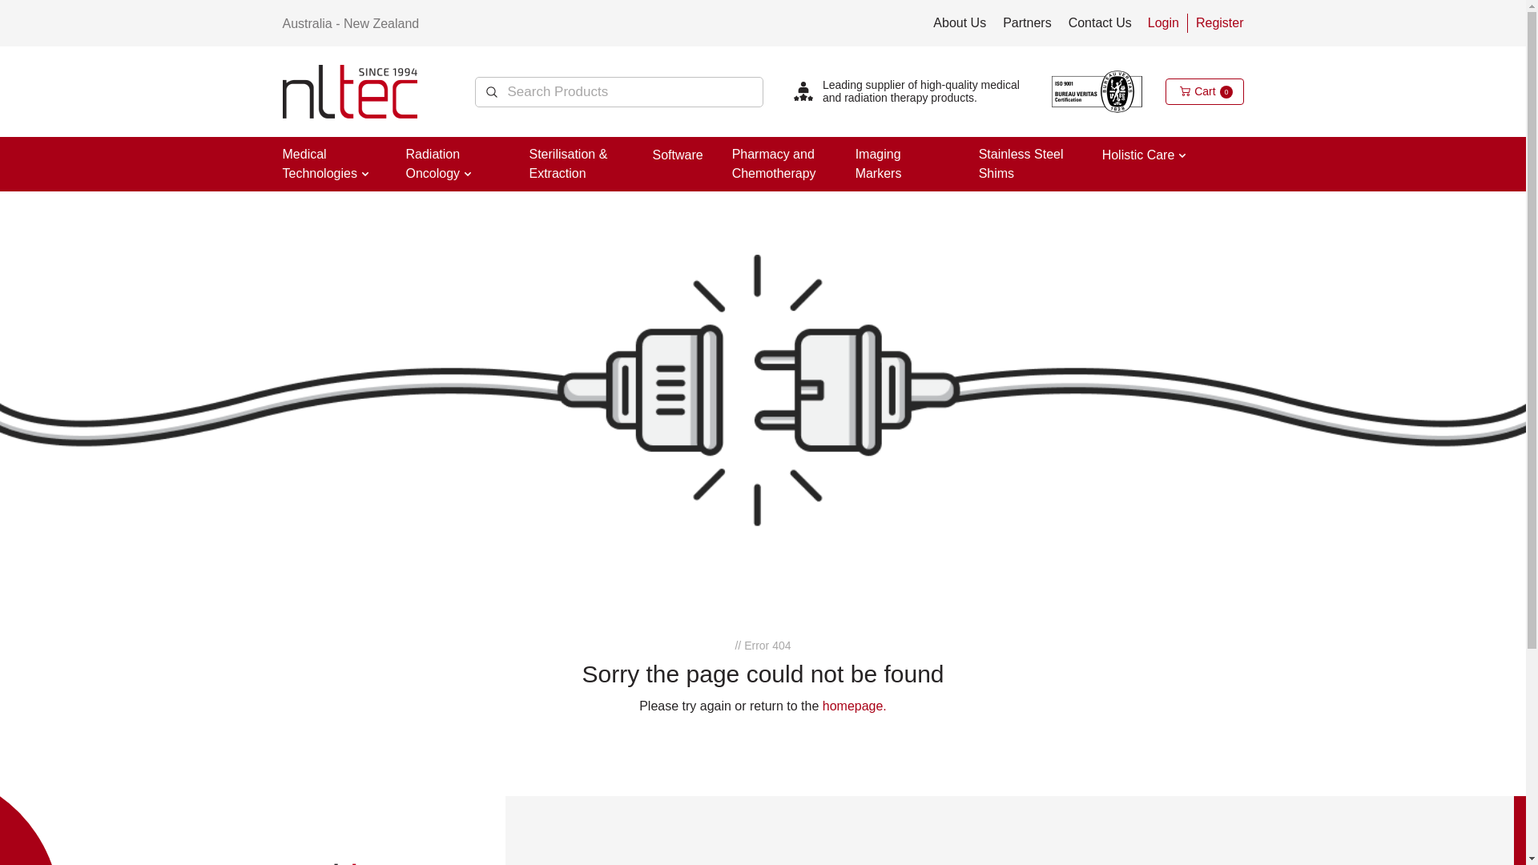 The width and height of the screenshot is (1538, 865). Describe the element at coordinates (568, 163) in the screenshot. I see `'Sterilisation & Extraction'` at that location.